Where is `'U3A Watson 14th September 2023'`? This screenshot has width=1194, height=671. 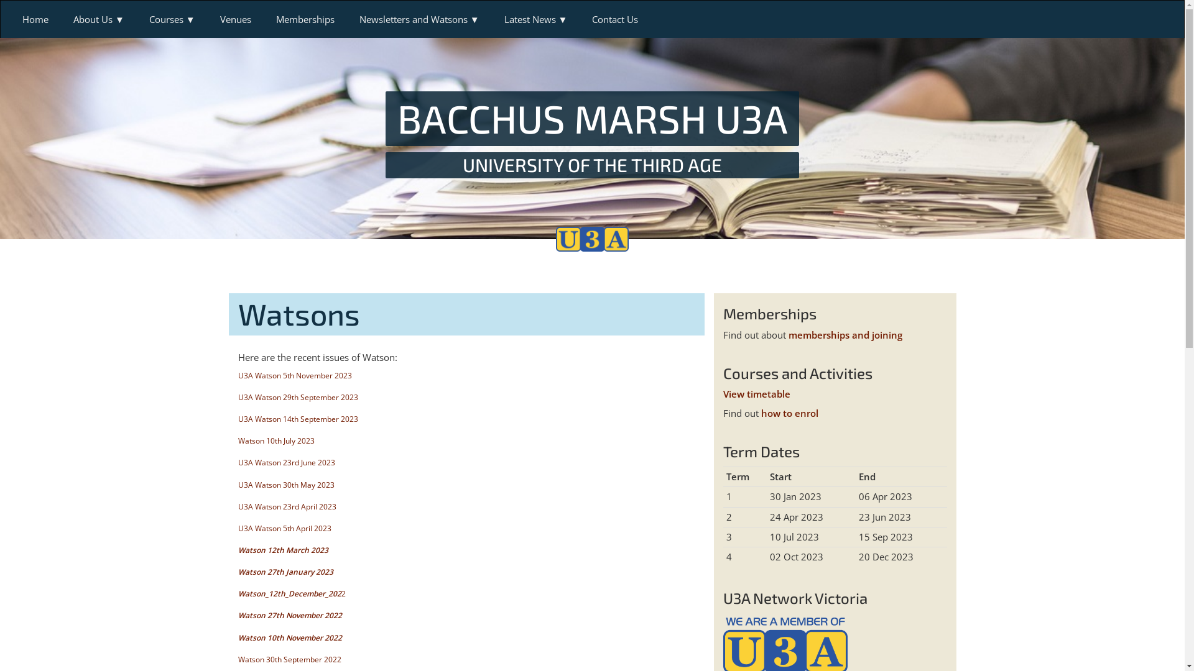 'U3A Watson 14th September 2023' is located at coordinates (238, 419).